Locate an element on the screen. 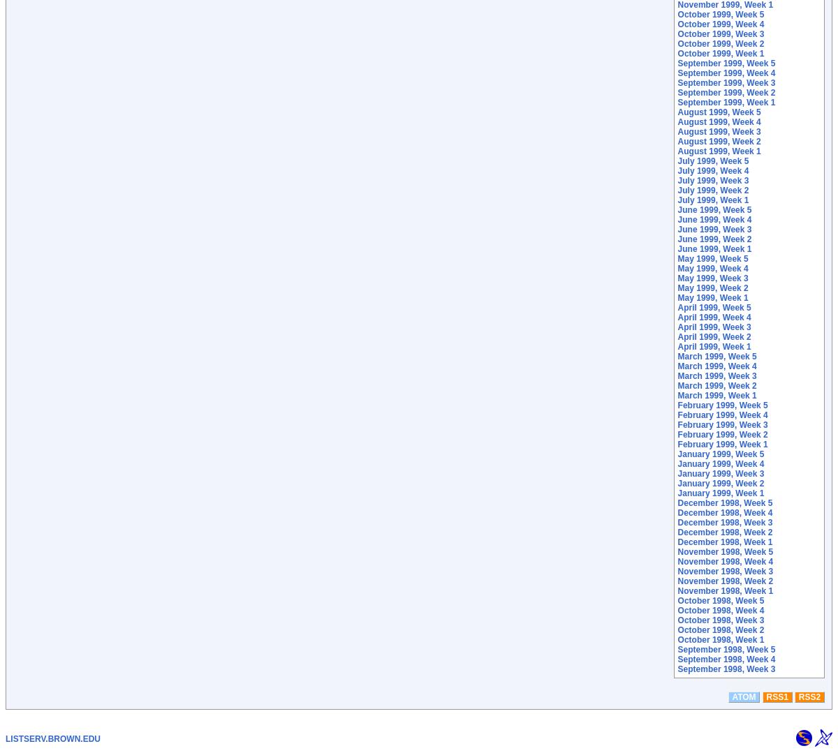  'August 1999, Week 1' is located at coordinates (719, 150).